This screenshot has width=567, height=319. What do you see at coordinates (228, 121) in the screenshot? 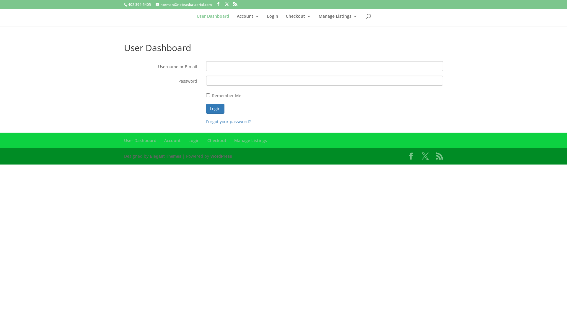
I see `'Forgot your password?'` at bounding box center [228, 121].